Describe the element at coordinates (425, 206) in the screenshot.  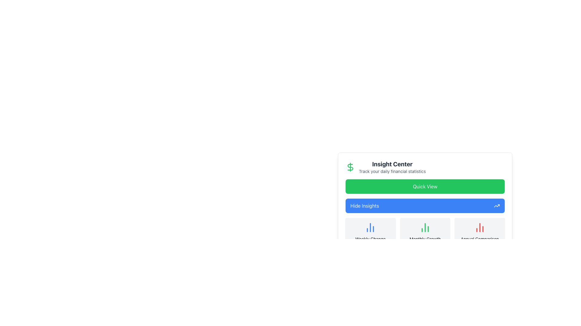
I see `the button that hides insights in the 'Insight Center', positioned below the 'Quick View' button` at that location.